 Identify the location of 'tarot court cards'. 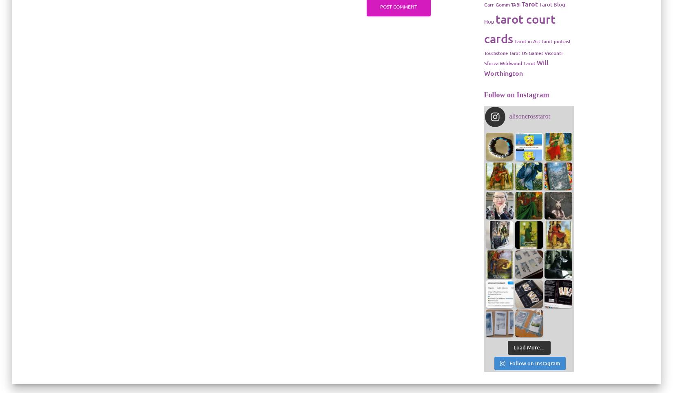
(519, 28).